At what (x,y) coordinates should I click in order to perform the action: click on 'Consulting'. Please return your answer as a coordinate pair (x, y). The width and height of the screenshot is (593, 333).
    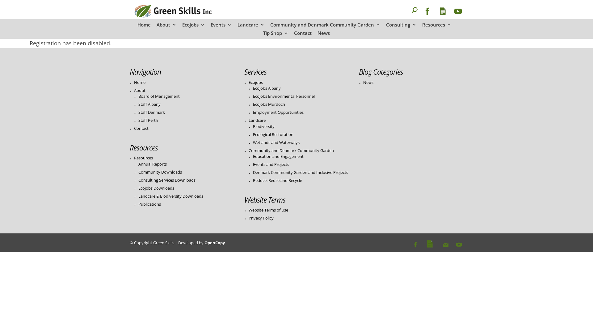
    Looking at the image, I should click on (401, 26).